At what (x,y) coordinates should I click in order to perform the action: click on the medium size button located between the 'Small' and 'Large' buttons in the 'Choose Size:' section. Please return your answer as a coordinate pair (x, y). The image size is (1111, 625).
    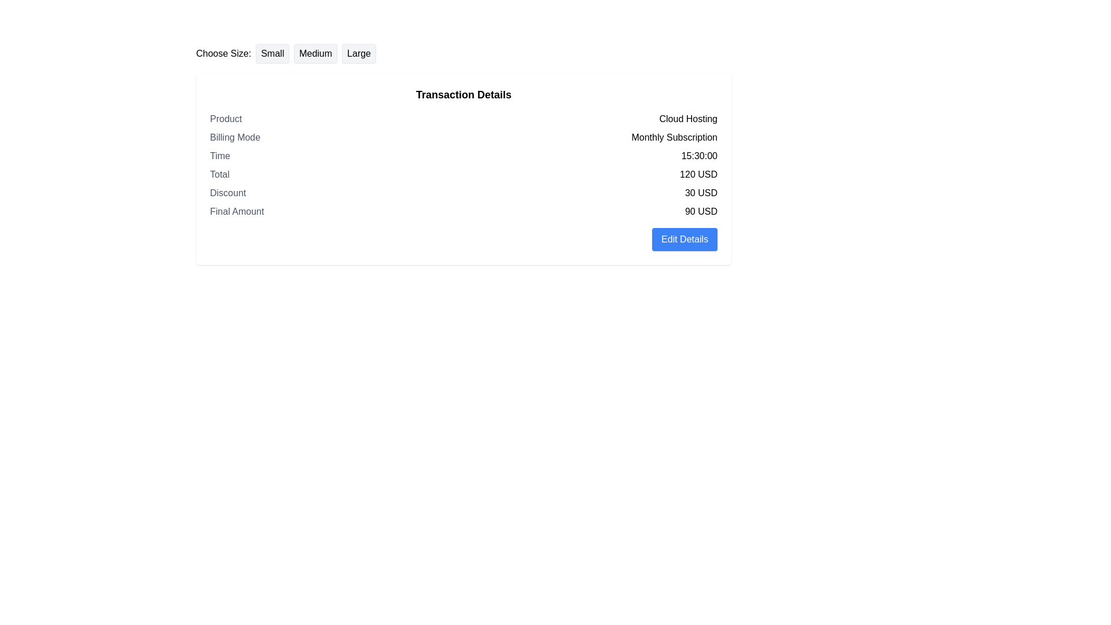
    Looking at the image, I should click on (315, 53).